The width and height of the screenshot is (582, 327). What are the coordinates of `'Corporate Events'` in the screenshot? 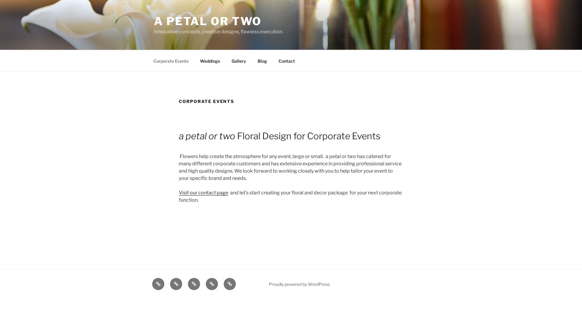 It's located at (158, 284).